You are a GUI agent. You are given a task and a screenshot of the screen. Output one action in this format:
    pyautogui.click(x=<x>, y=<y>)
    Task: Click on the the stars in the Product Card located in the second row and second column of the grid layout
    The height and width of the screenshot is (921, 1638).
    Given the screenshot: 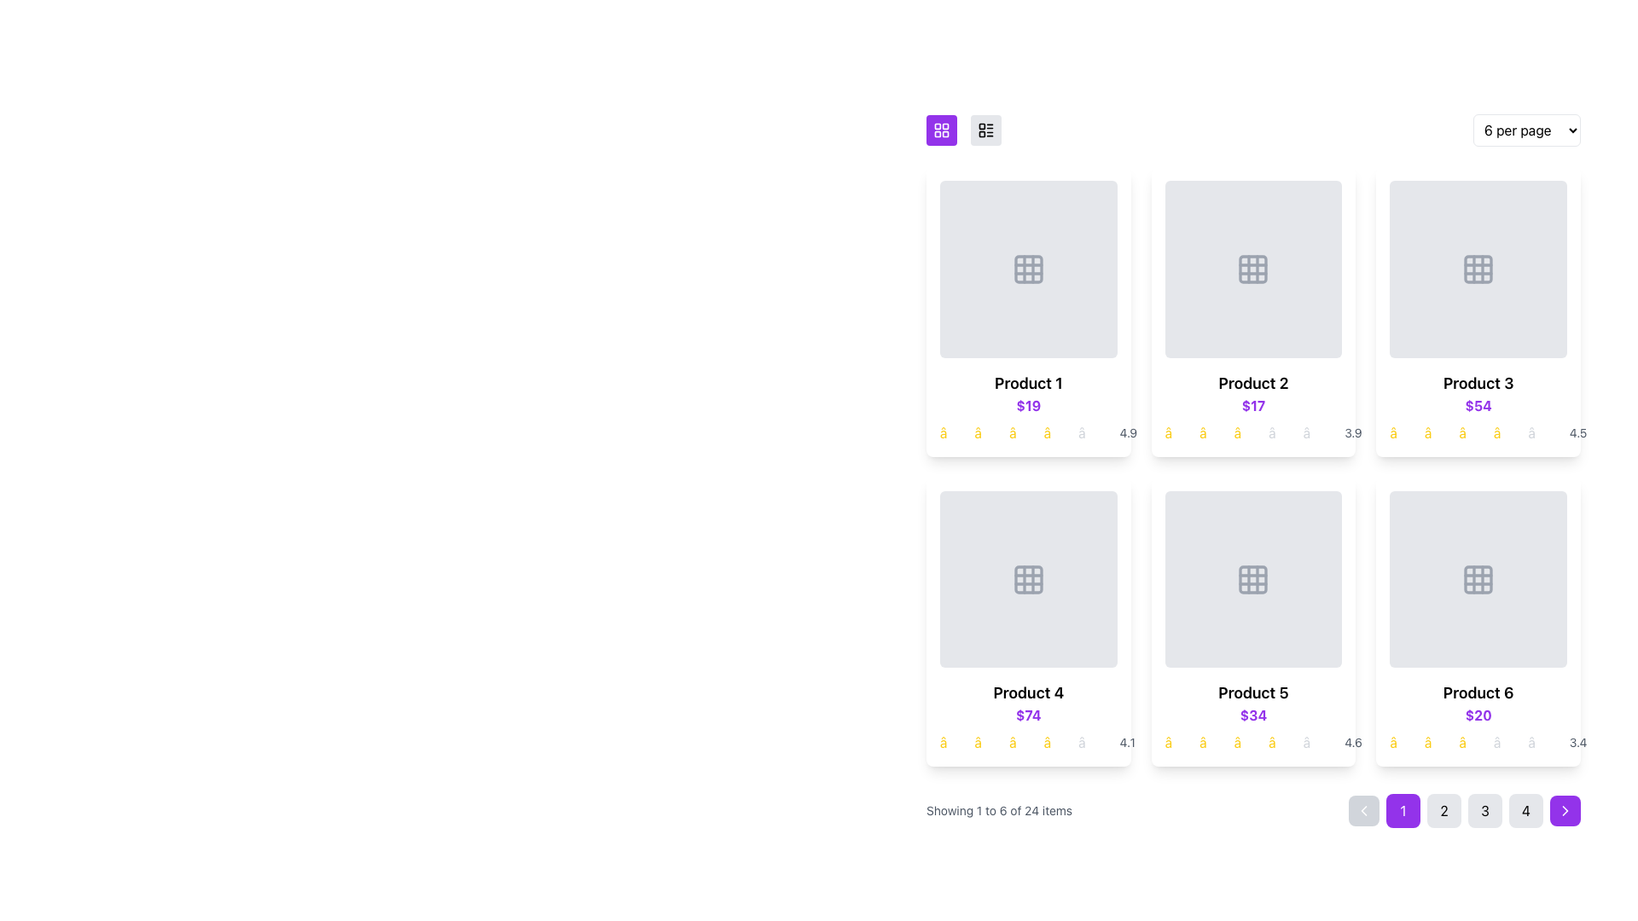 What is the action you would take?
    pyautogui.click(x=1253, y=622)
    